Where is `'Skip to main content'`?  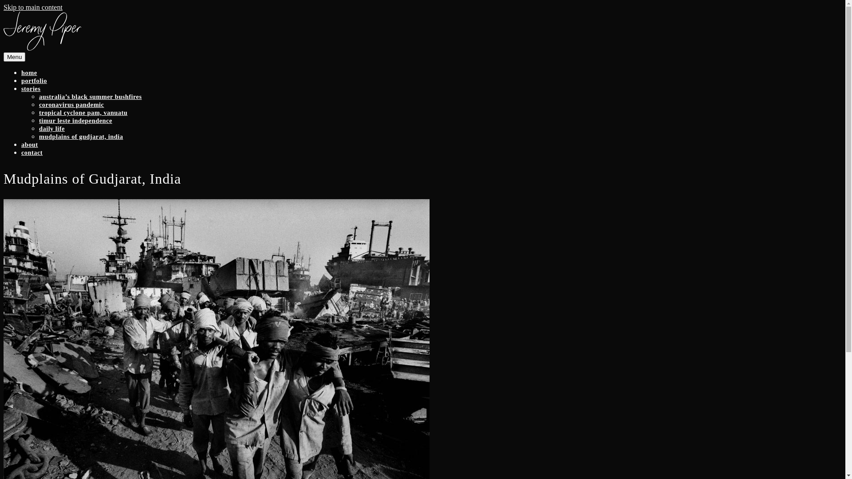
'Skip to main content' is located at coordinates (33, 7).